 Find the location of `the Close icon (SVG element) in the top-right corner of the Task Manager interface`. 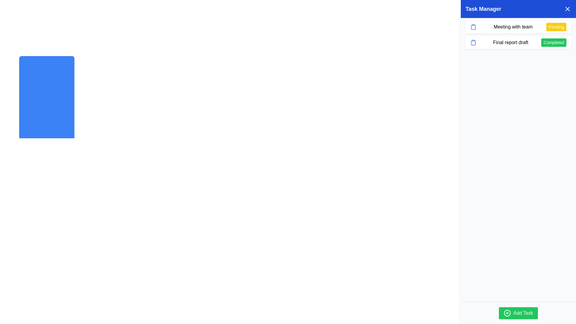

the Close icon (SVG element) in the top-right corner of the Task Manager interface is located at coordinates (567, 9).